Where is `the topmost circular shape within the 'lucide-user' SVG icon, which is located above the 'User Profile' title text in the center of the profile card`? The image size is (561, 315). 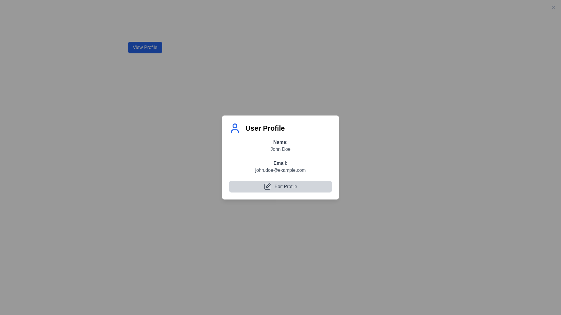
the topmost circular shape within the 'lucide-user' SVG icon, which is located above the 'User Profile' title text in the center of the profile card is located at coordinates (235, 125).